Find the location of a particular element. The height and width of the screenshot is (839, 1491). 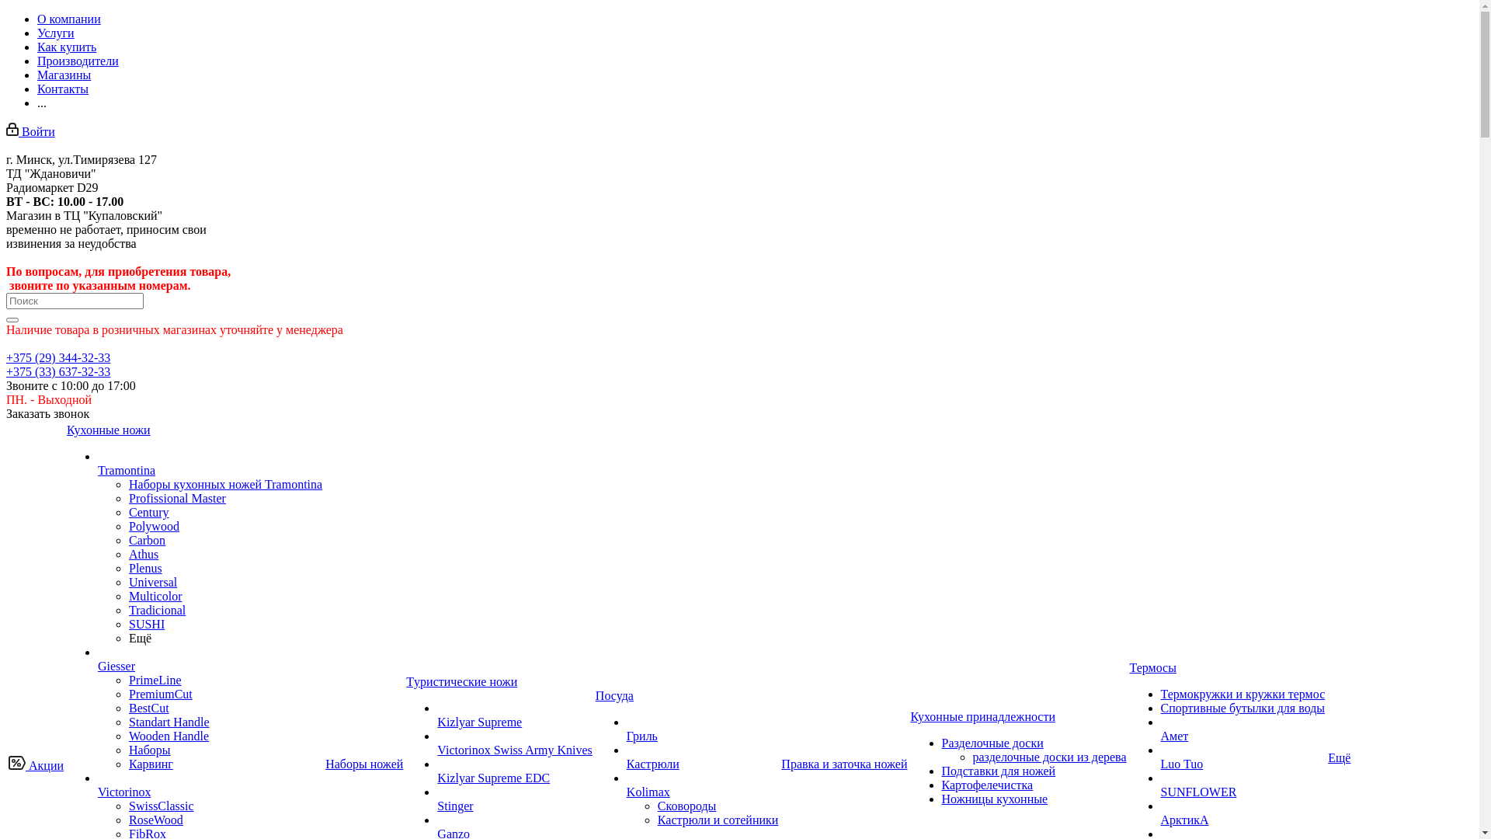

'Tramontina' is located at coordinates (96, 469).